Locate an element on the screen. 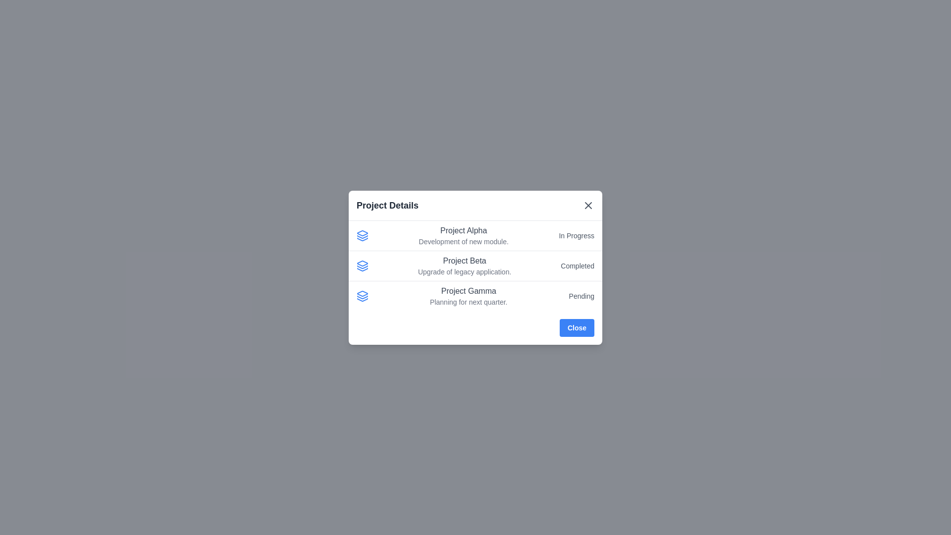 This screenshot has height=535, width=951. 'Close' button at the bottom right of the dialog is located at coordinates (577, 327).